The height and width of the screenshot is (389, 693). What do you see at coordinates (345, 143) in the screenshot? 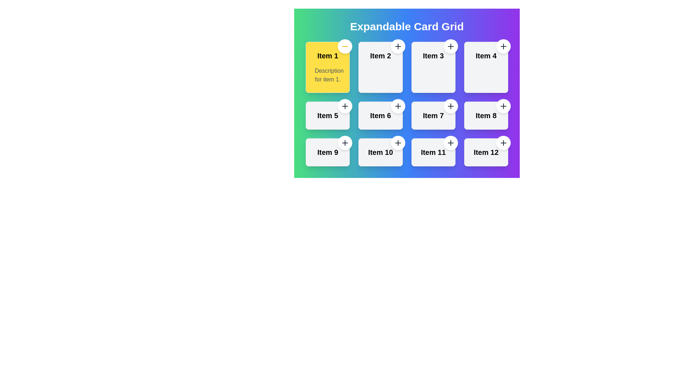
I see `the plus button located at the top-right corner of the 'Item 9' card` at bounding box center [345, 143].